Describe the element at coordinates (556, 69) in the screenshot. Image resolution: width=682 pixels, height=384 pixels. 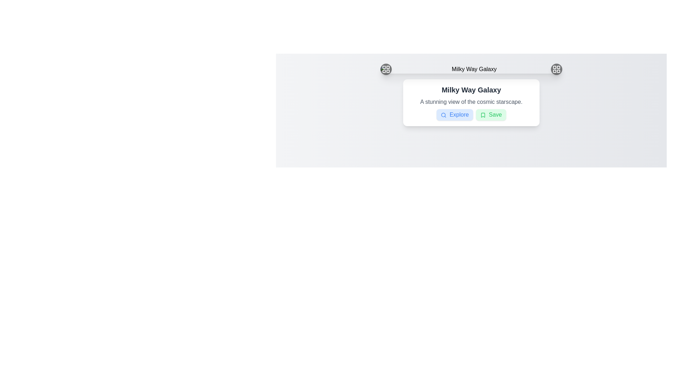
I see `the circular button icon located at the top-right corner of its section, adjacent to the 'Milky Way Galaxy' text` at that location.